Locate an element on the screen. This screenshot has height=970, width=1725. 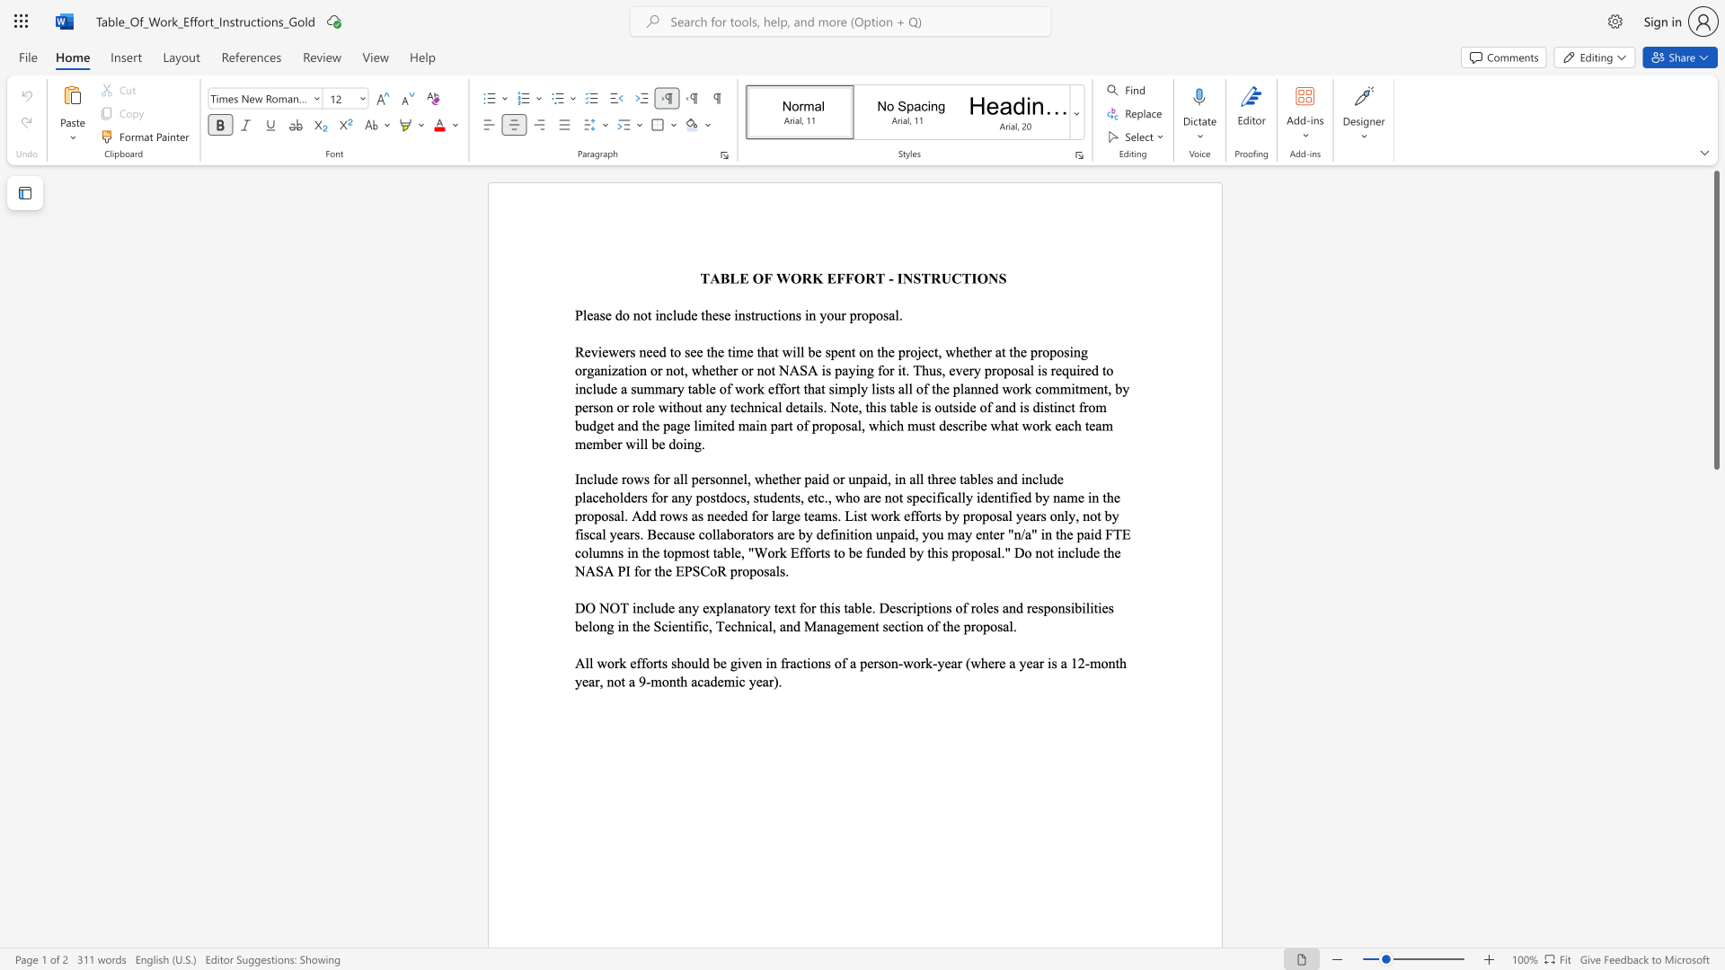
the scrollbar on the side is located at coordinates (1715, 619).